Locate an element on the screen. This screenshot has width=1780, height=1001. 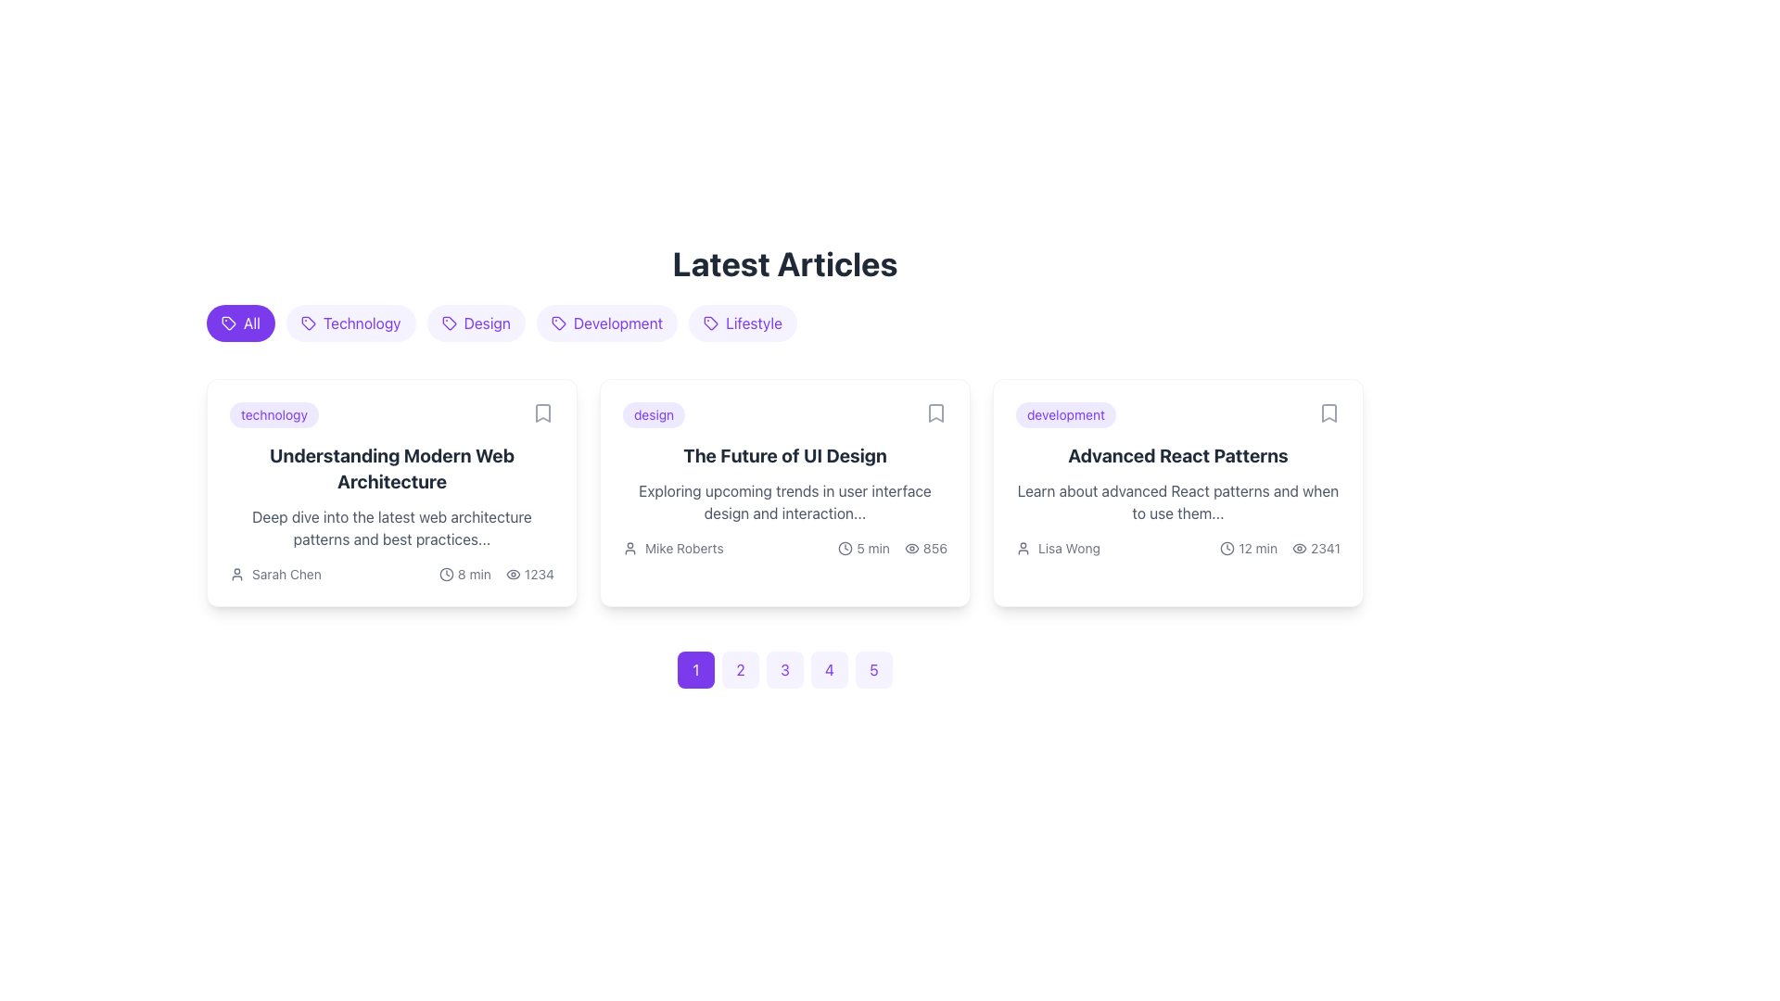
the bookmark icon located in the upper-right corner of the card titled 'Understanding Modern Web Architecture' in the 'Latest Articles' section is located at coordinates (541, 412).